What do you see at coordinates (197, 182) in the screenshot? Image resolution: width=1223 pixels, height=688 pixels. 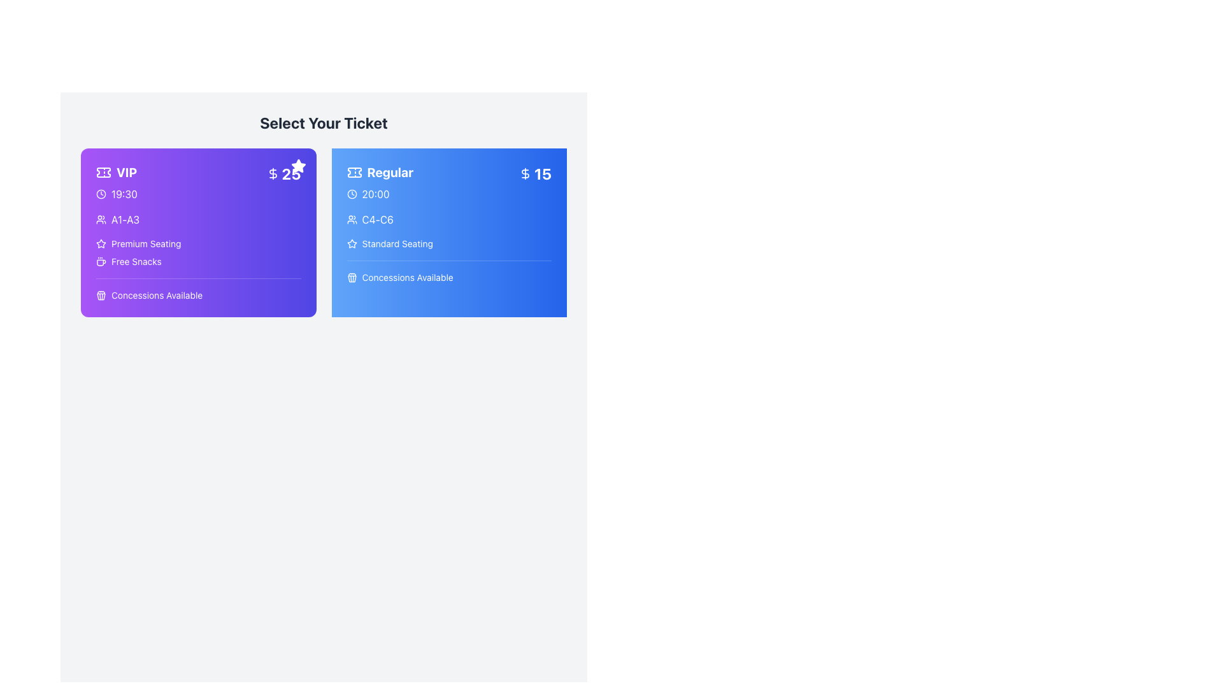 I see `the informational widget displaying 'VIP 19:30 $25' located in the top section of the left card labeled 'VIP', which may contain an interactive link` at bounding box center [197, 182].